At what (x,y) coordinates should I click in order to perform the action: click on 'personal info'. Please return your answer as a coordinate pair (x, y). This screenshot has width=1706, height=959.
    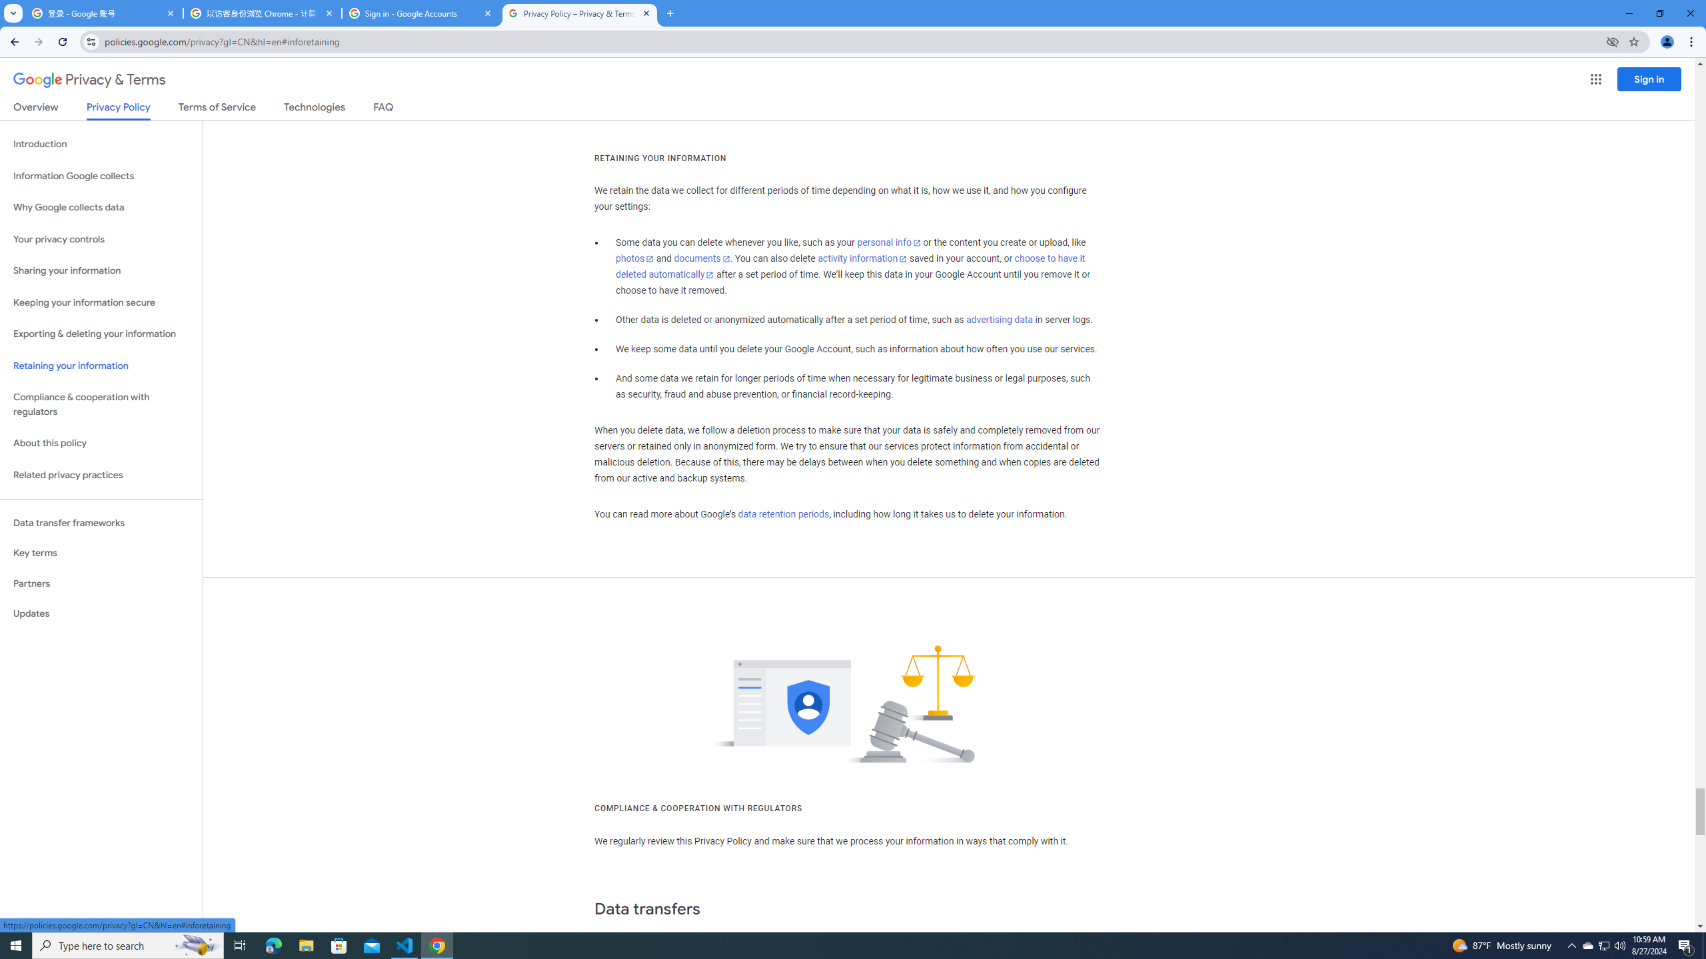
    Looking at the image, I should click on (888, 242).